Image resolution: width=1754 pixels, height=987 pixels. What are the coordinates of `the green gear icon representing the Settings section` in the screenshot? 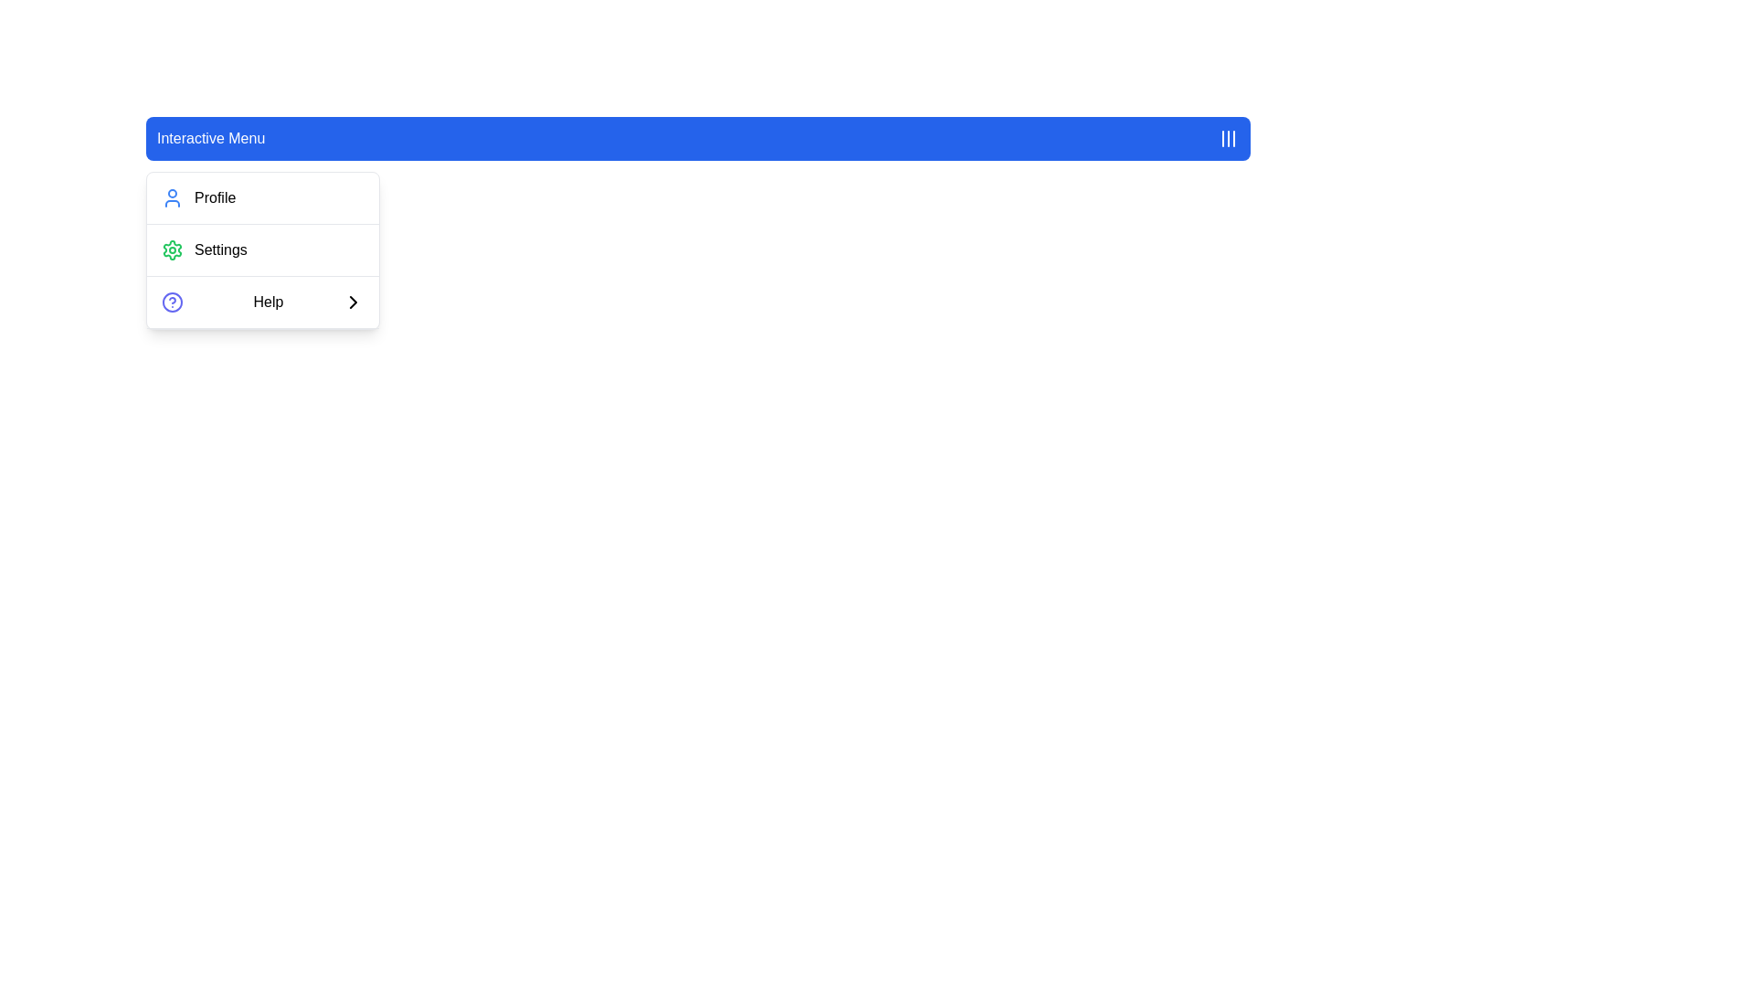 It's located at (172, 249).